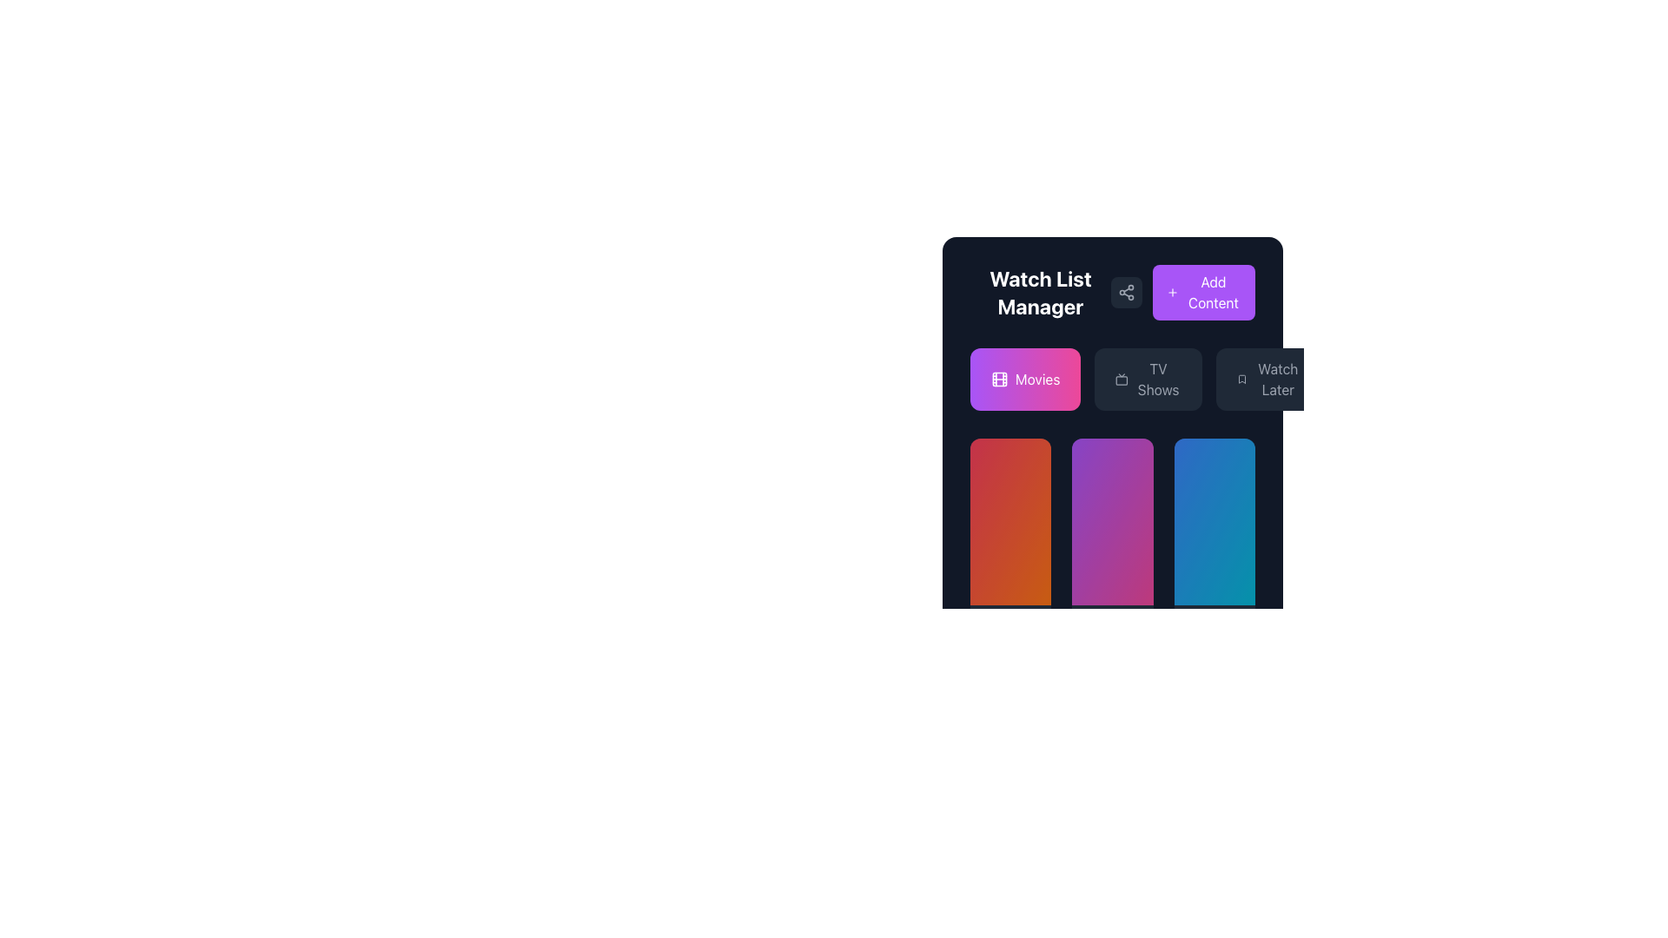 The height and width of the screenshot is (938, 1668). Describe the element at coordinates (1158, 378) in the screenshot. I see `the 'TV Shows' text label, which is located inside the second button of the navigation row, indicating the section related to TV shows` at that location.